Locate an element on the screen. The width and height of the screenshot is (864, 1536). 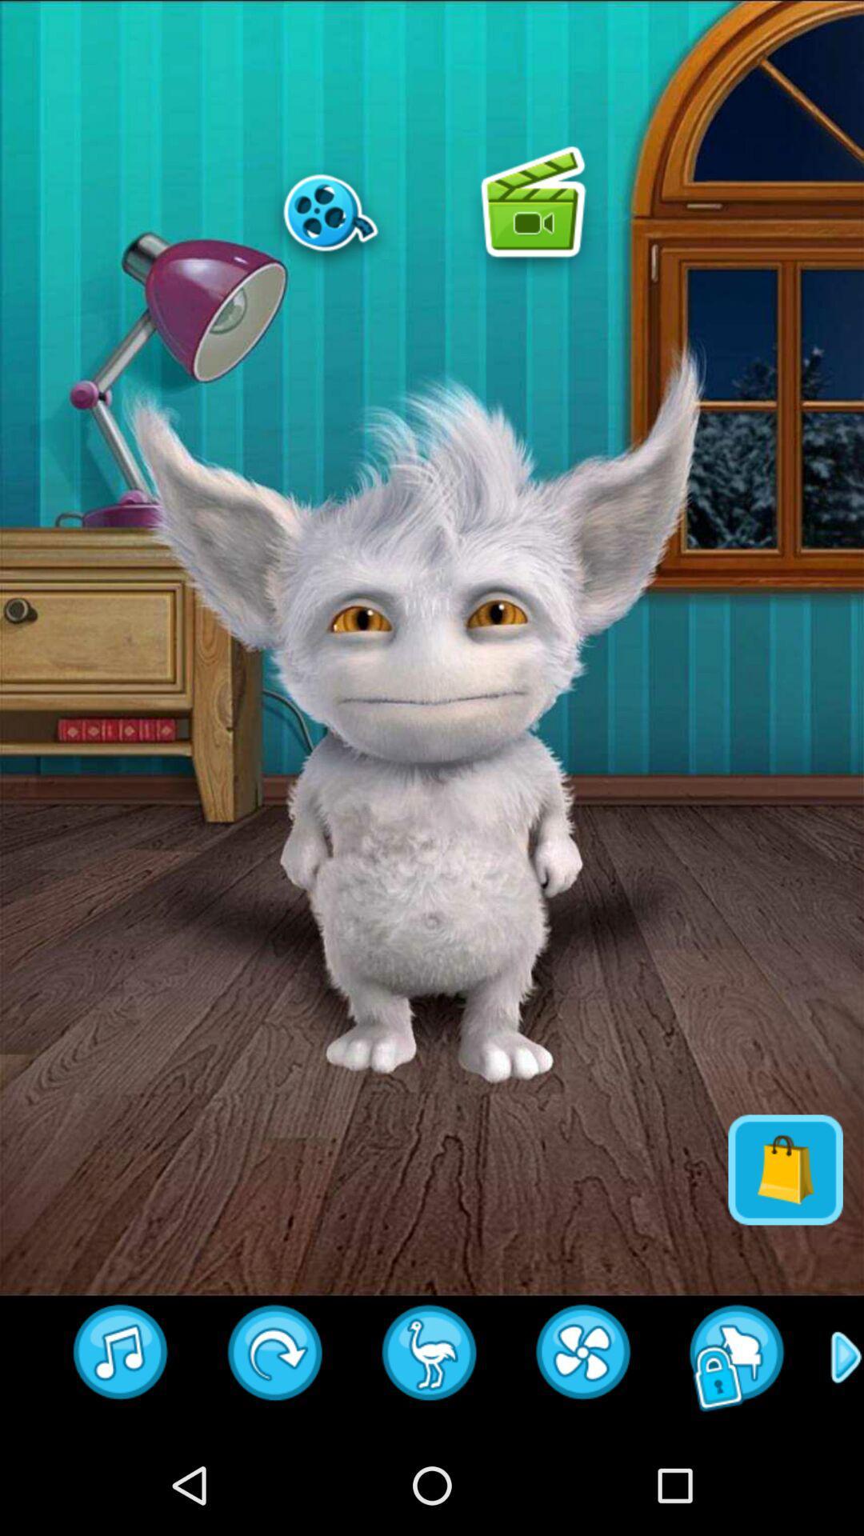
music page is located at coordinates (120, 1357).